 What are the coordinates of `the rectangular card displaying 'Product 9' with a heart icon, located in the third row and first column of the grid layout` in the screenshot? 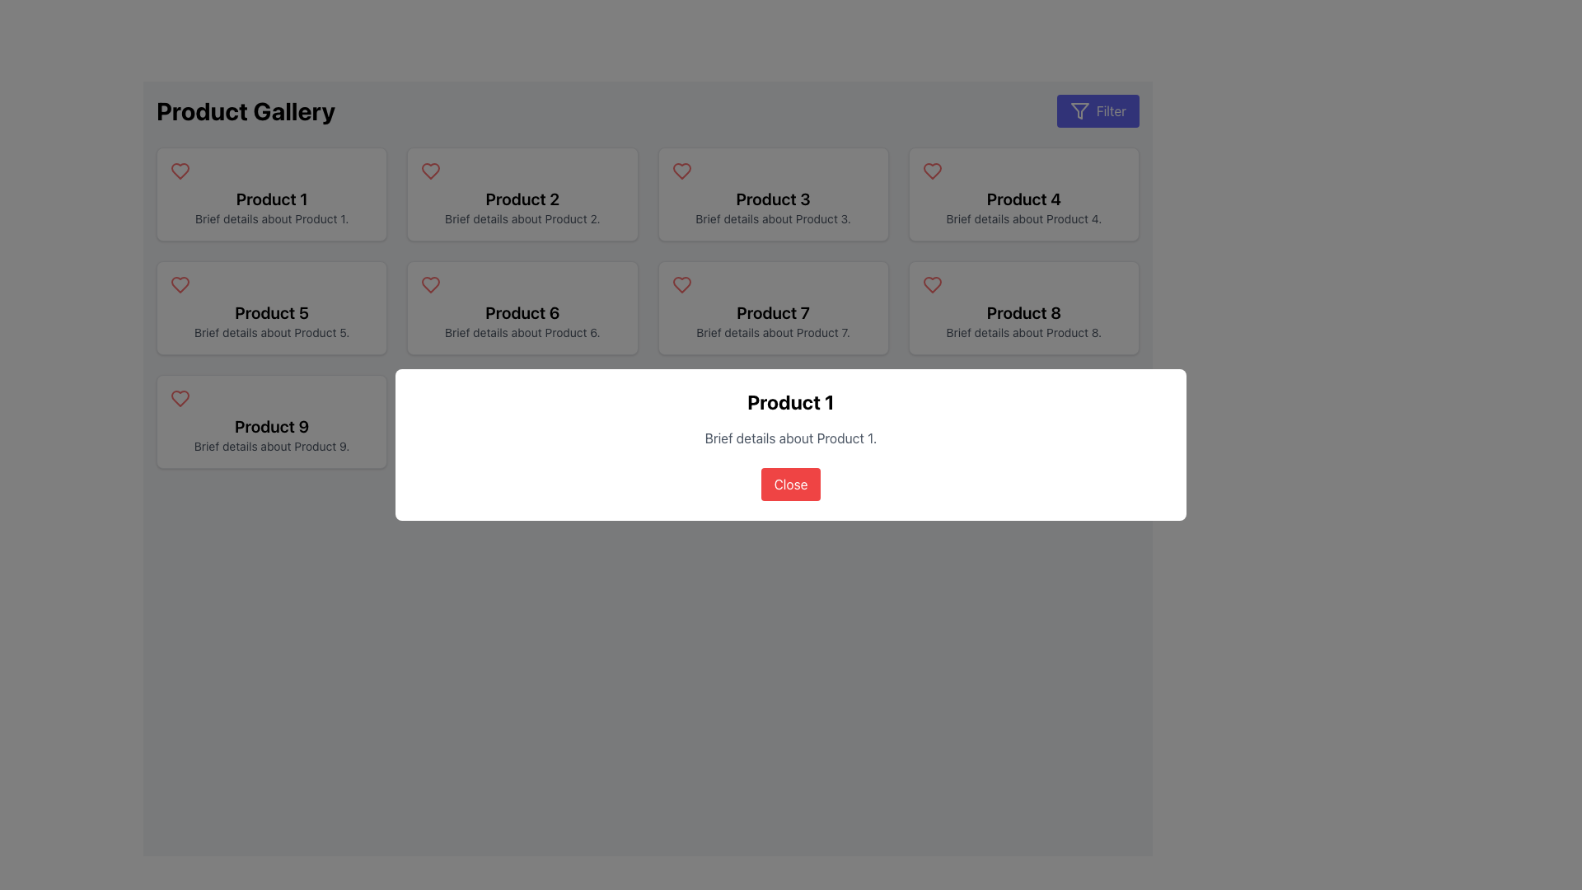 It's located at (272, 421).